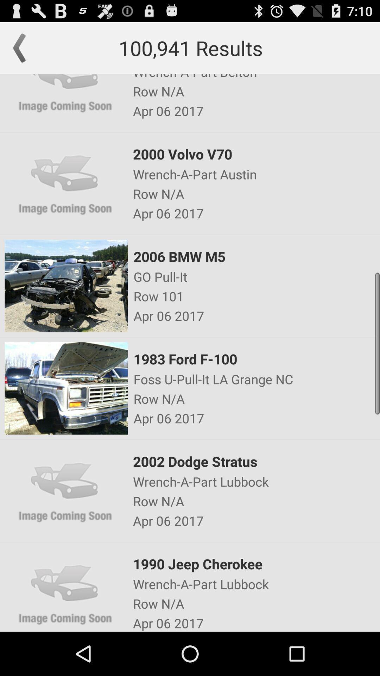 The width and height of the screenshot is (380, 676). What do you see at coordinates (256, 461) in the screenshot?
I see `the icon above the wrench a part icon` at bounding box center [256, 461].